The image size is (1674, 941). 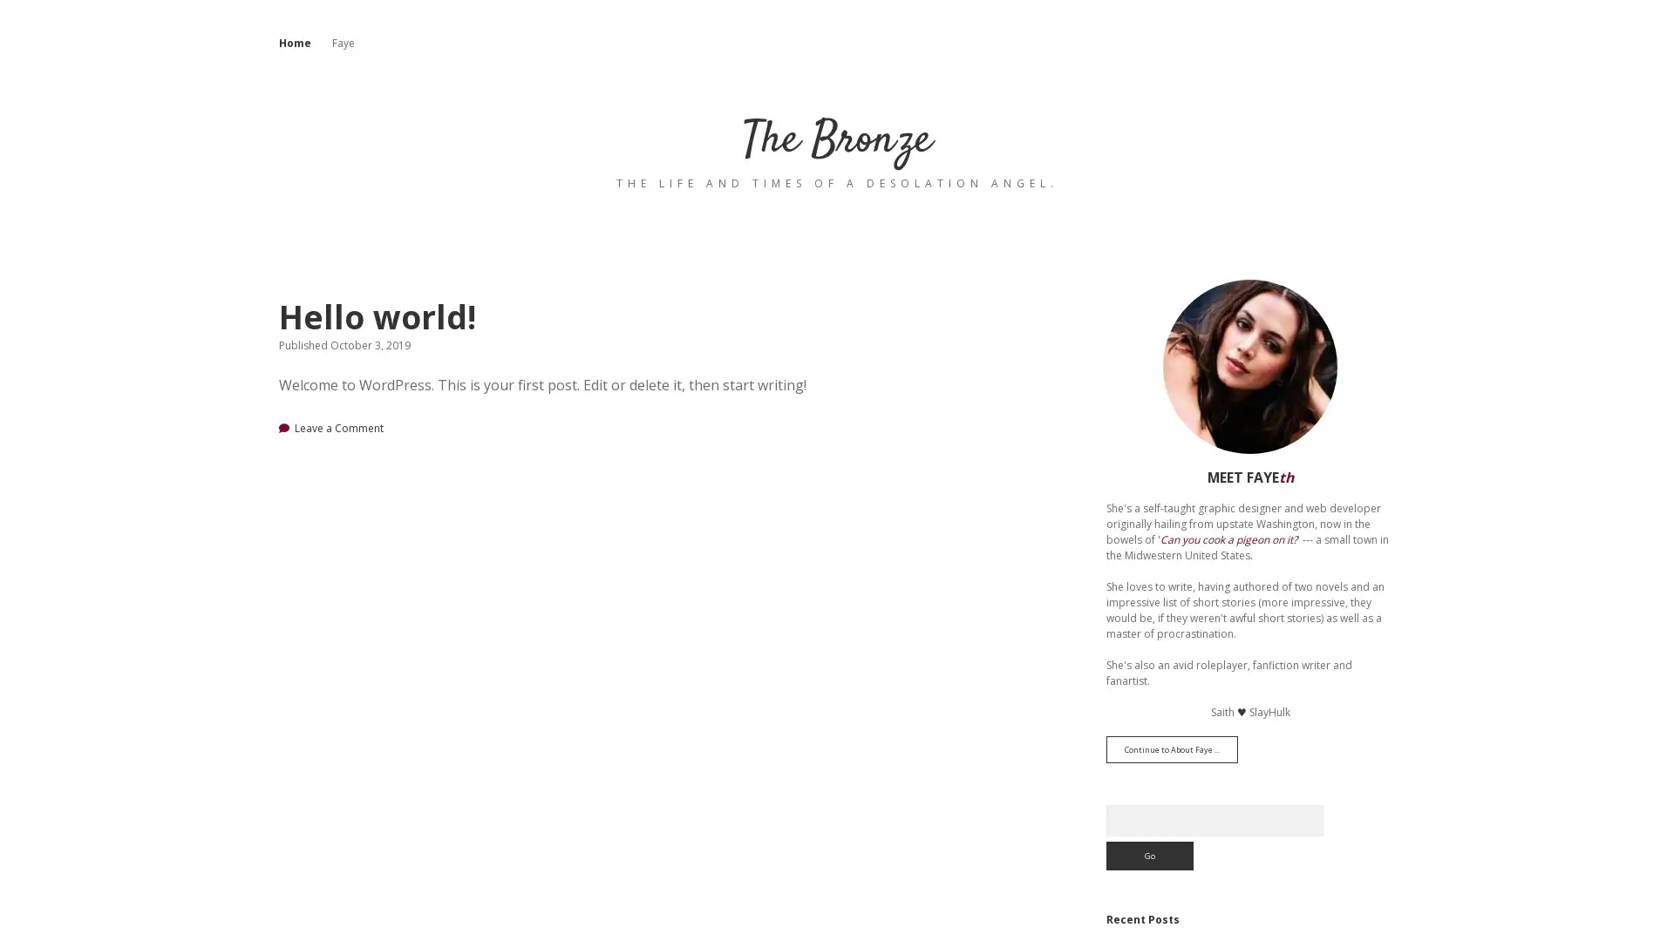 I want to click on Go, so click(x=1149, y=855).